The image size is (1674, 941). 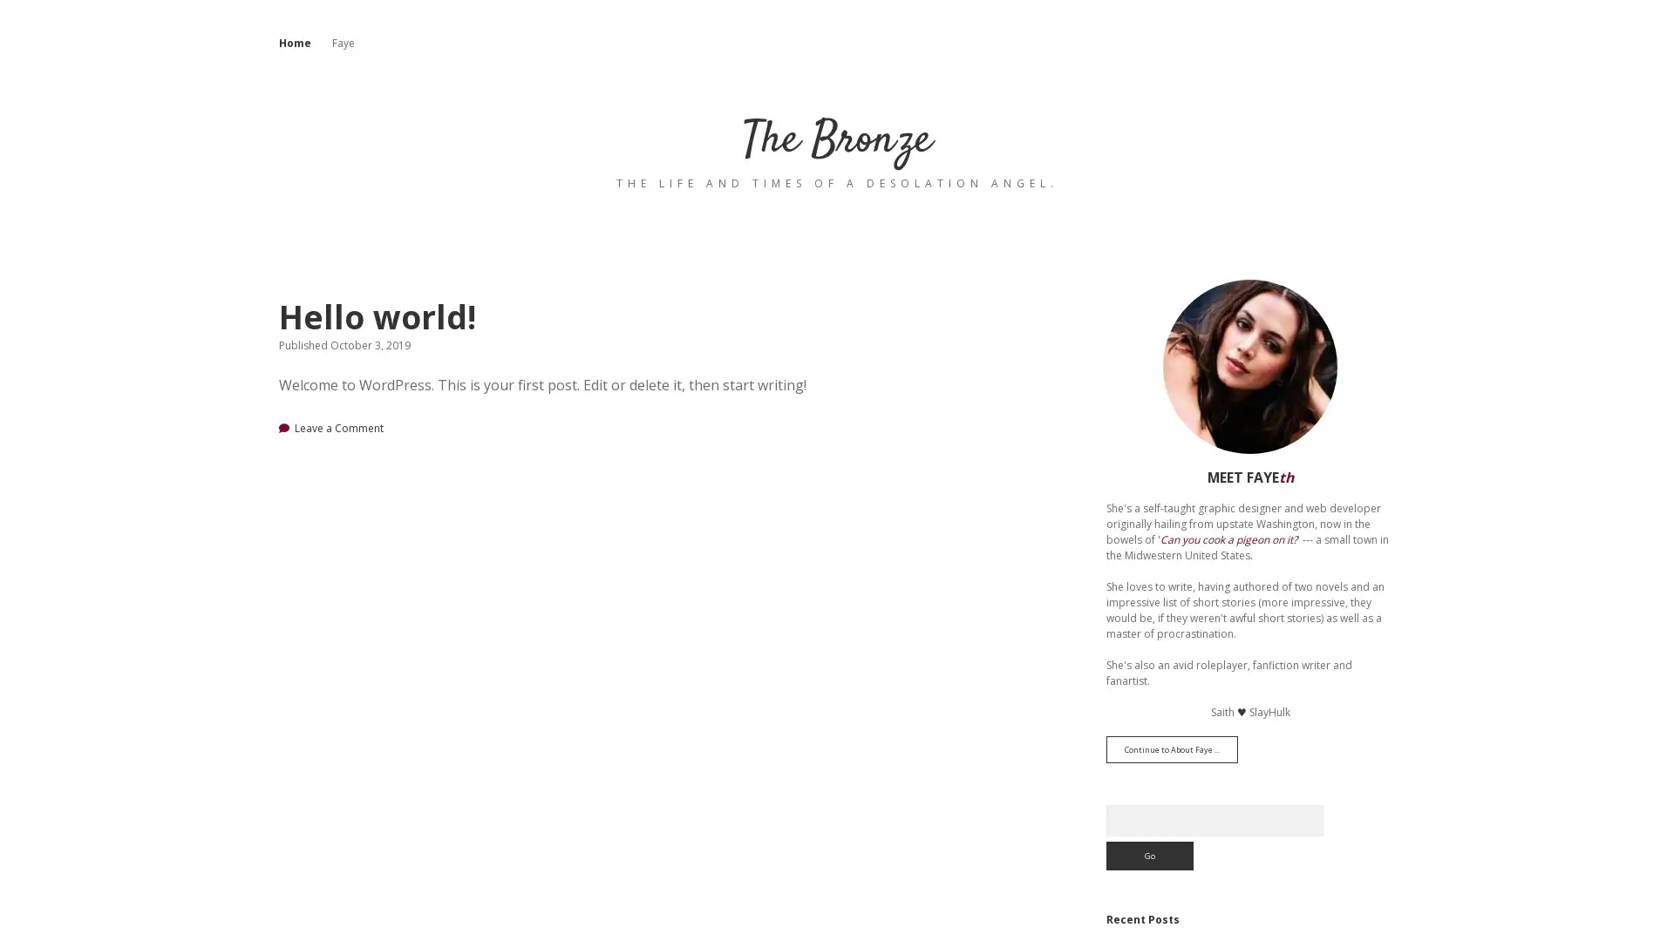 I want to click on Go, so click(x=1149, y=855).